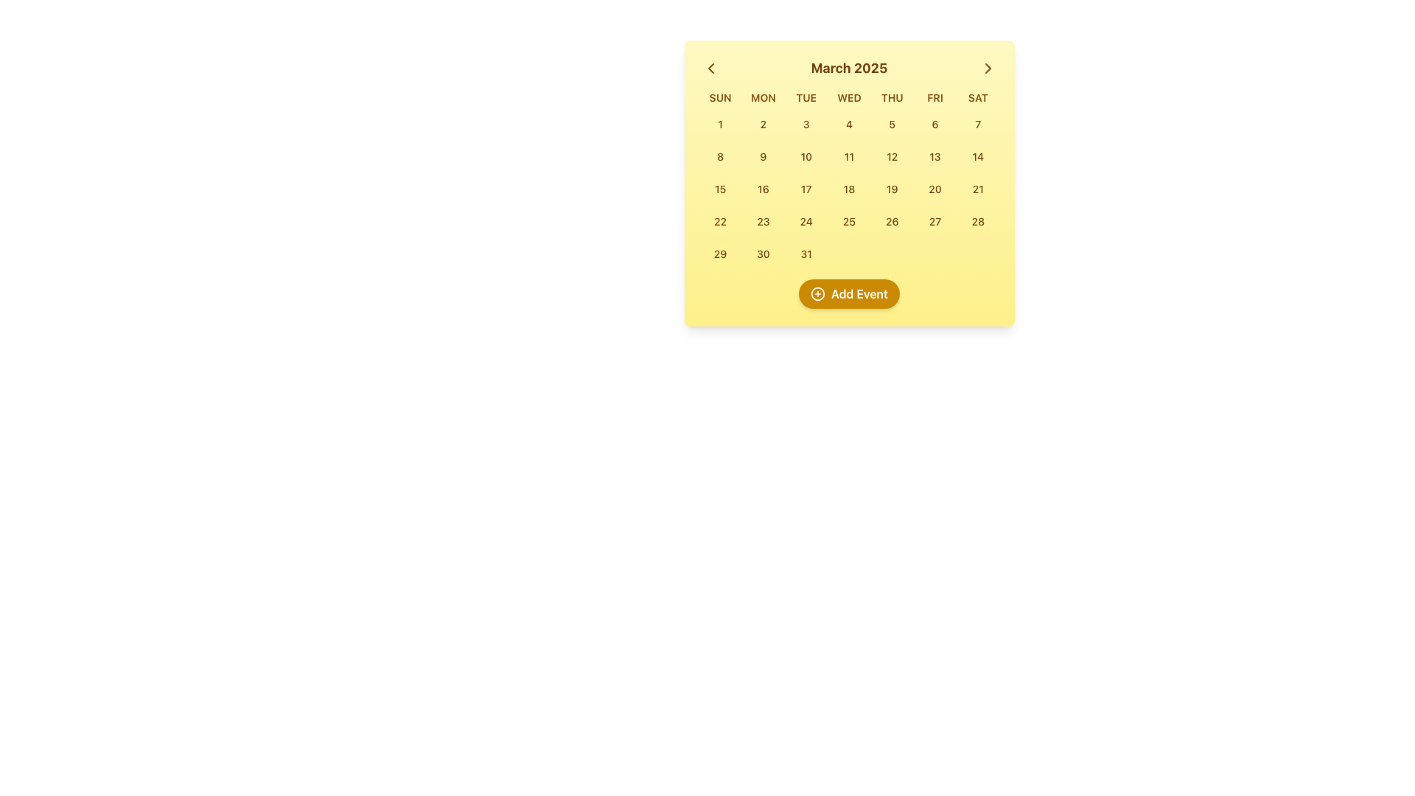 The width and height of the screenshot is (1415, 796). What do you see at coordinates (849, 97) in the screenshot?
I see `the text label displaying 'WED' in uppercase letters, which is styled with a small font size and bold formatting, and has a yellowish background, located in the calendar header row` at bounding box center [849, 97].